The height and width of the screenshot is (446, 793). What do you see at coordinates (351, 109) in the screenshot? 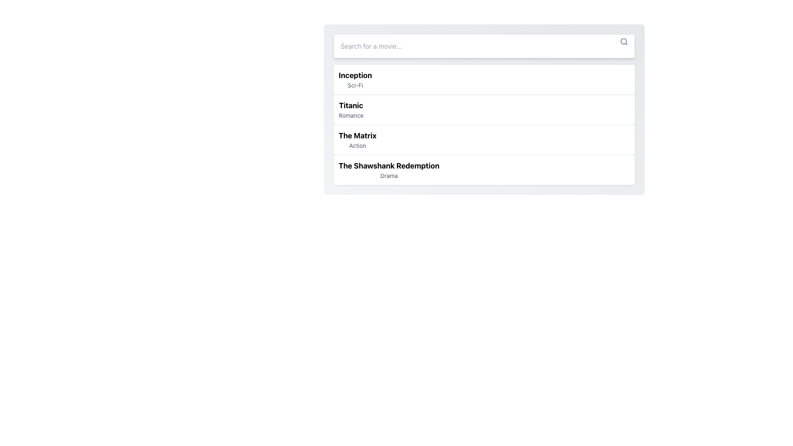
I see `the text display element that shows 'Titanic' in a bold font and 'Romance' in a smaller gray font, which is the second entry in the vertical list of movies` at bounding box center [351, 109].